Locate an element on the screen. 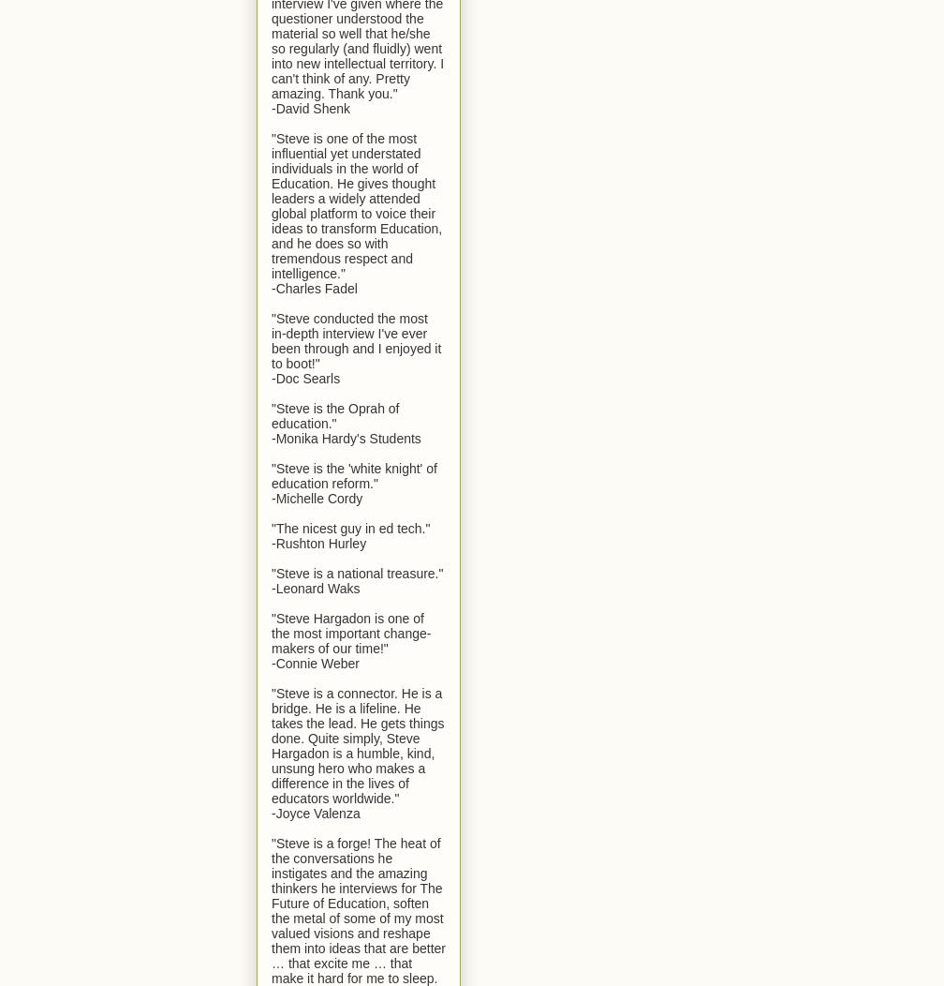 The width and height of the screenshot is (944, 986). '-Michelle Cordy' is located at coordinates (317, 498).